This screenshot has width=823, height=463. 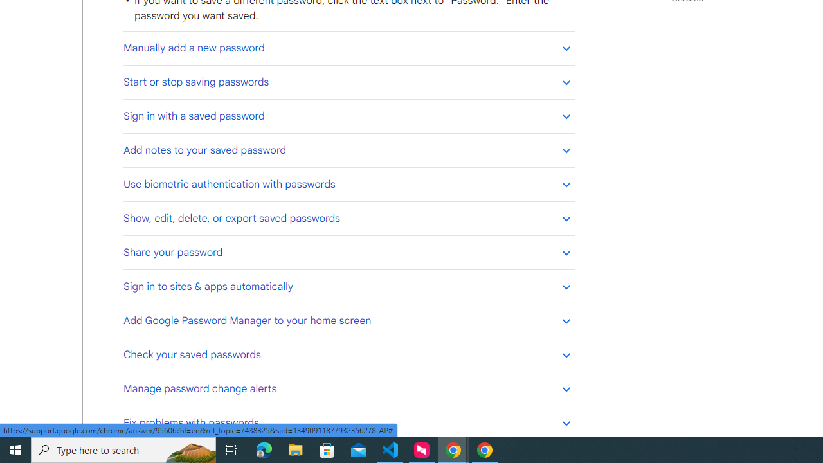 I want to click on 'Share your password', so click(x=348, y=252).